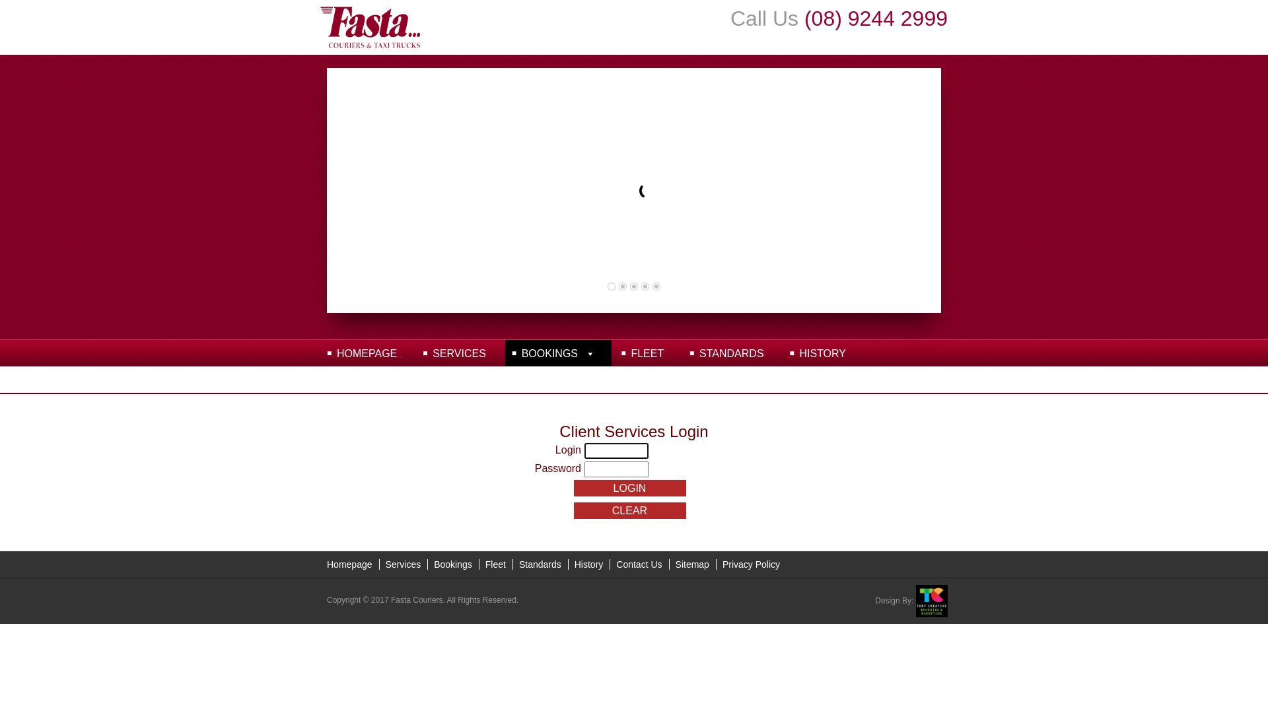 The image size is (1268, 713). Describe the element at coordinates (639, 564) in the screenshot. I see `'Contact Us'` at that location.